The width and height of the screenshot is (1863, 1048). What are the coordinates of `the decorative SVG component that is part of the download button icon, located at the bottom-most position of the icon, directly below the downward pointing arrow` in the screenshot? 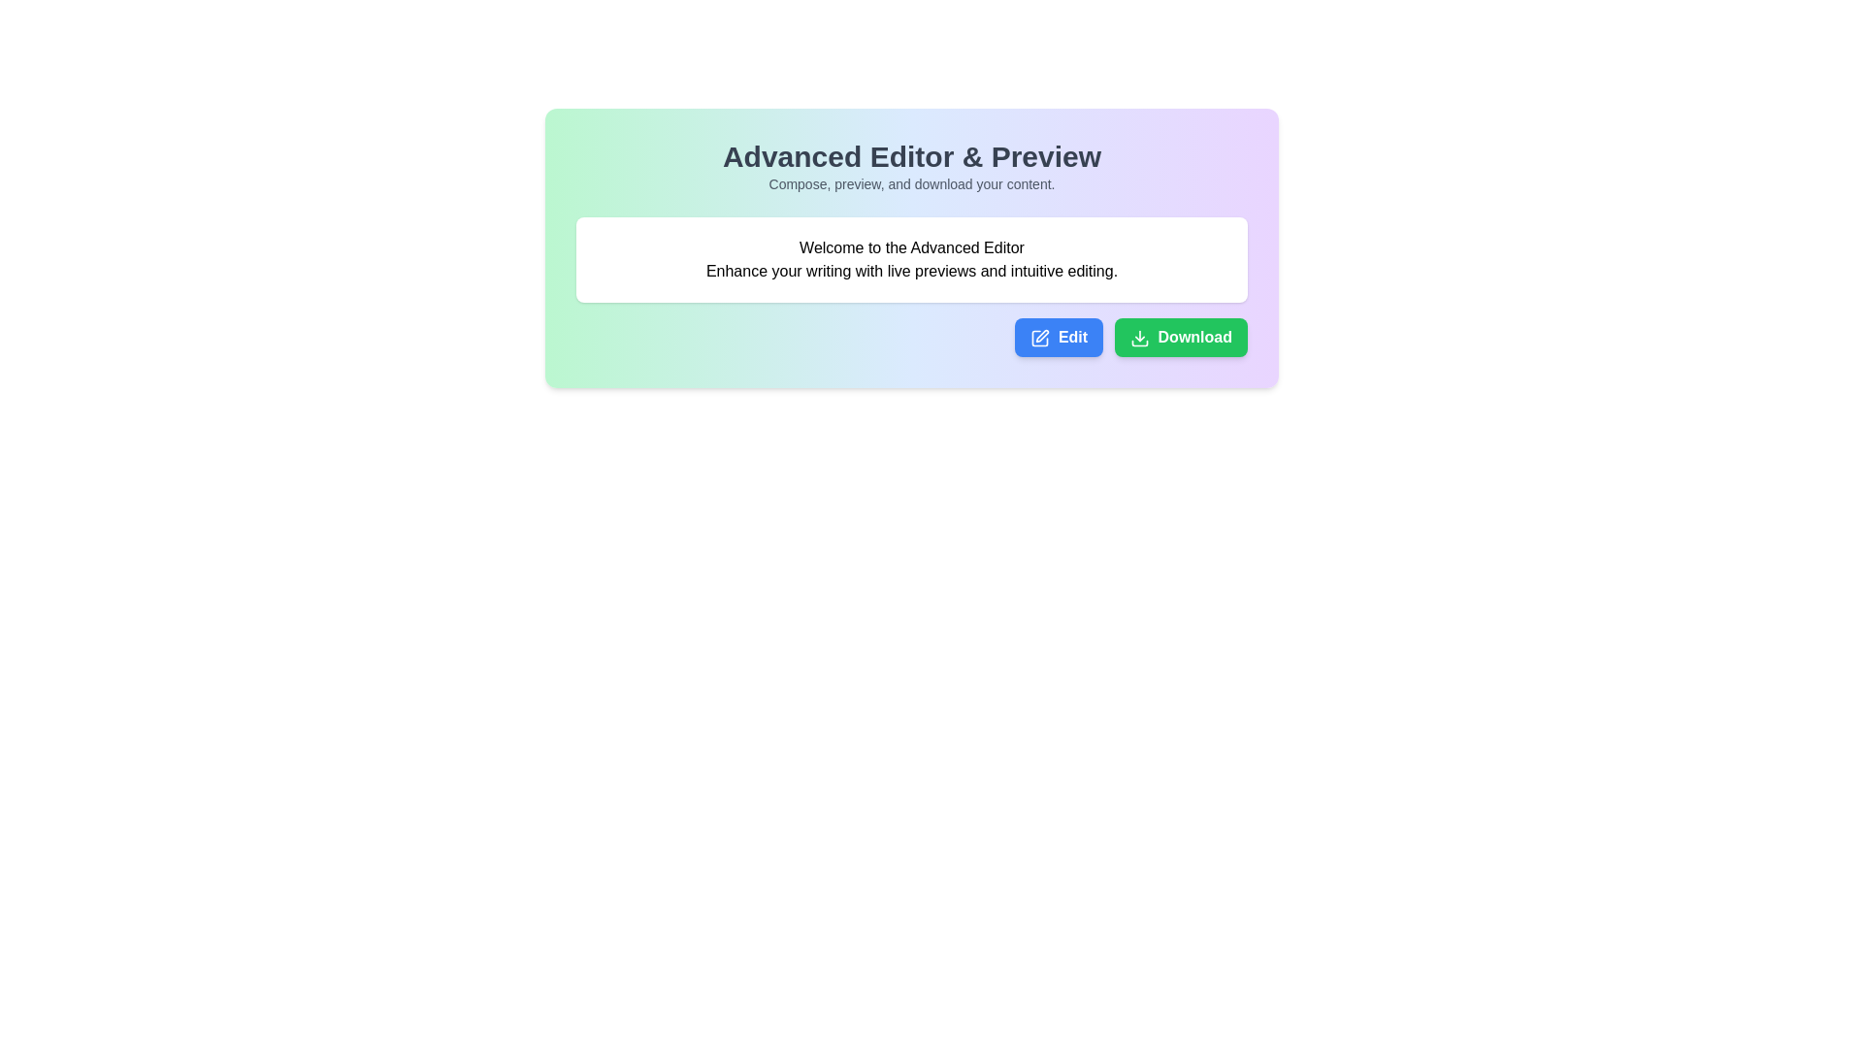 It's located at (1140, 342).